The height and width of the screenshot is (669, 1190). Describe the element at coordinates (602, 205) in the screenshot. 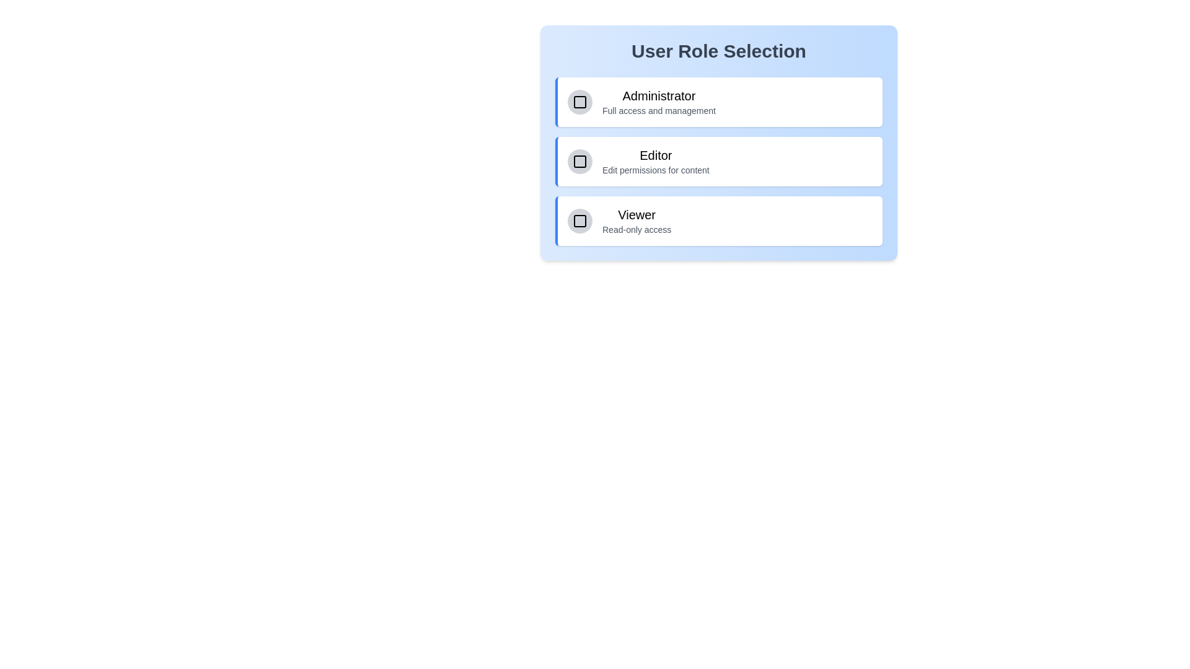

I see `the text of the role description for Viewer` at that location.